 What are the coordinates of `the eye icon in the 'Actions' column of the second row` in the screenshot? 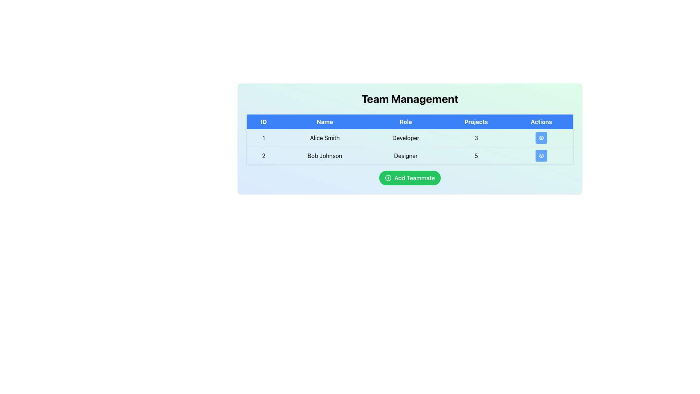 It's located at (541, 138).